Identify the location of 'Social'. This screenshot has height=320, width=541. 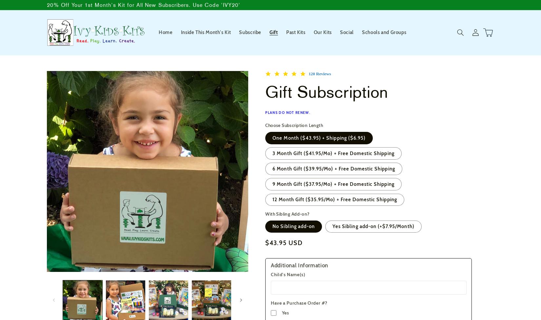
(347, 32).